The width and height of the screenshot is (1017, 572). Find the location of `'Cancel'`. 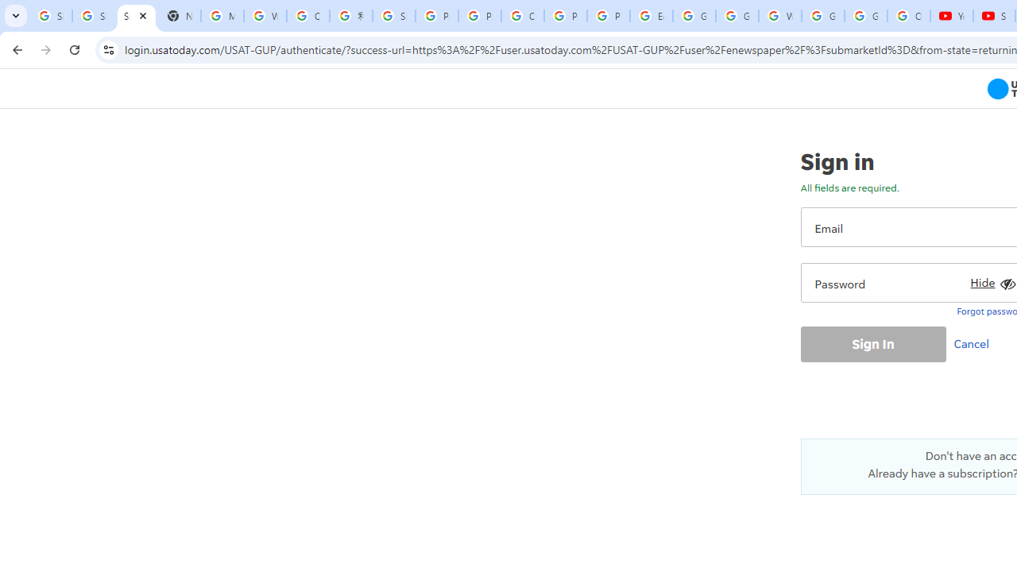

'Cancel' is located at coordinates (974, 342).